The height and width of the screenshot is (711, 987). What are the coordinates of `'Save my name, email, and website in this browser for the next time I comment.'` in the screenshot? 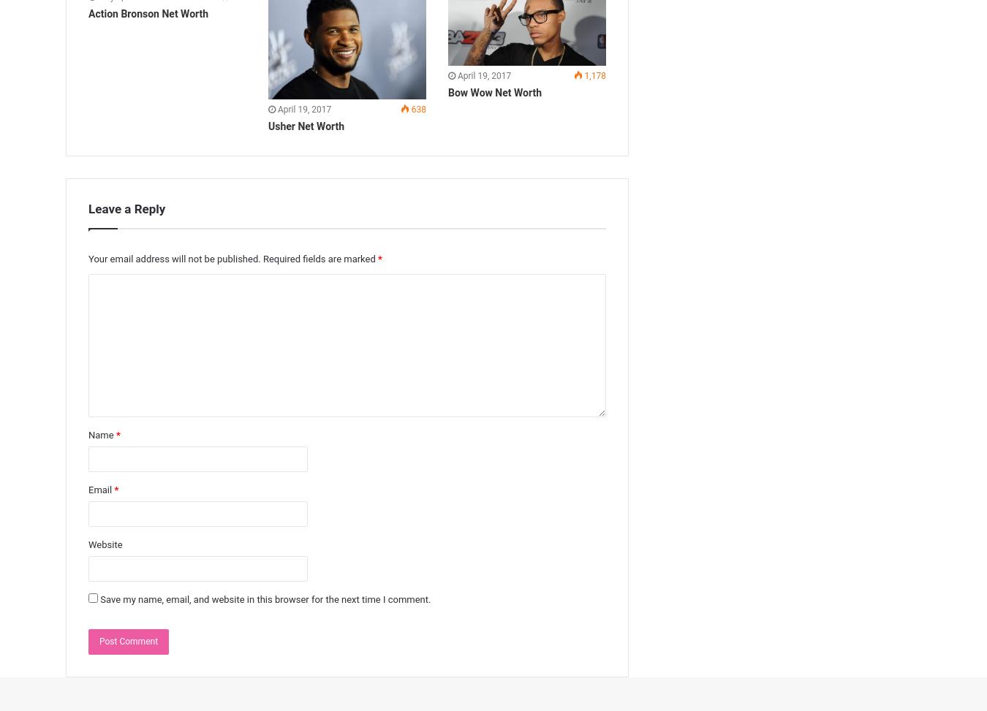 It's located at (265, 598).